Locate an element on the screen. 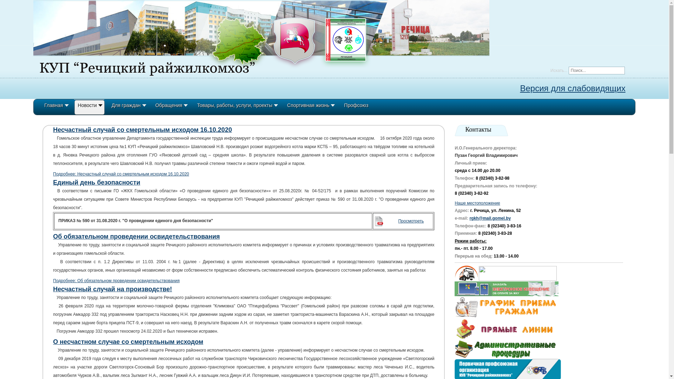  'rgkh@mail.gomel.by' is located at coordinates (490, 218).